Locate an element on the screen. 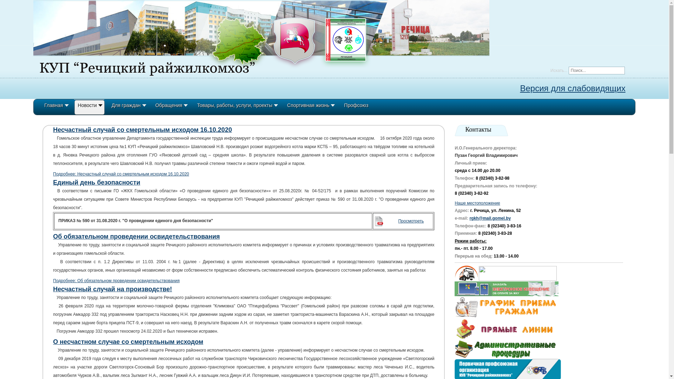  'rgkh@mail.gomel.by' is located at coordinates (490, 218).